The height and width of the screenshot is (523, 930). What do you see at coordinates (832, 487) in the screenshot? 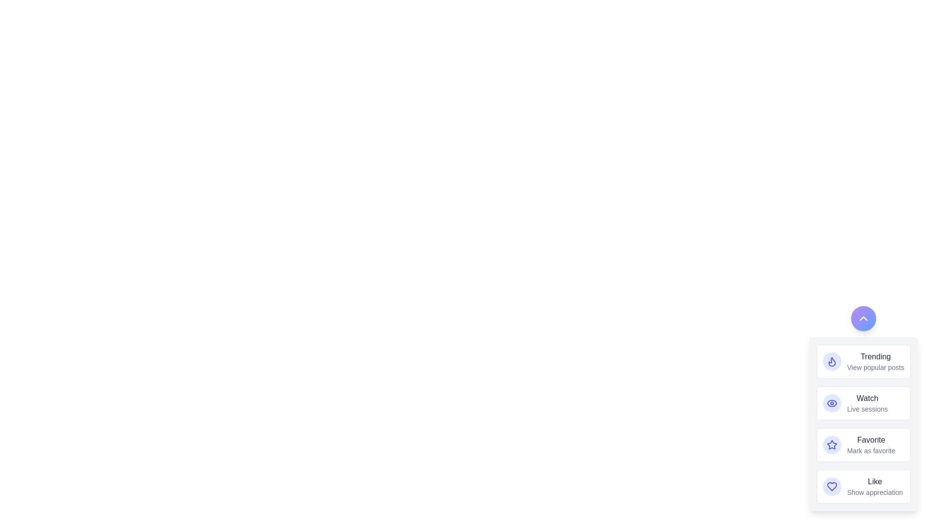
I see `the Like button to trigger its functionality` at bounding box center [832, 487].